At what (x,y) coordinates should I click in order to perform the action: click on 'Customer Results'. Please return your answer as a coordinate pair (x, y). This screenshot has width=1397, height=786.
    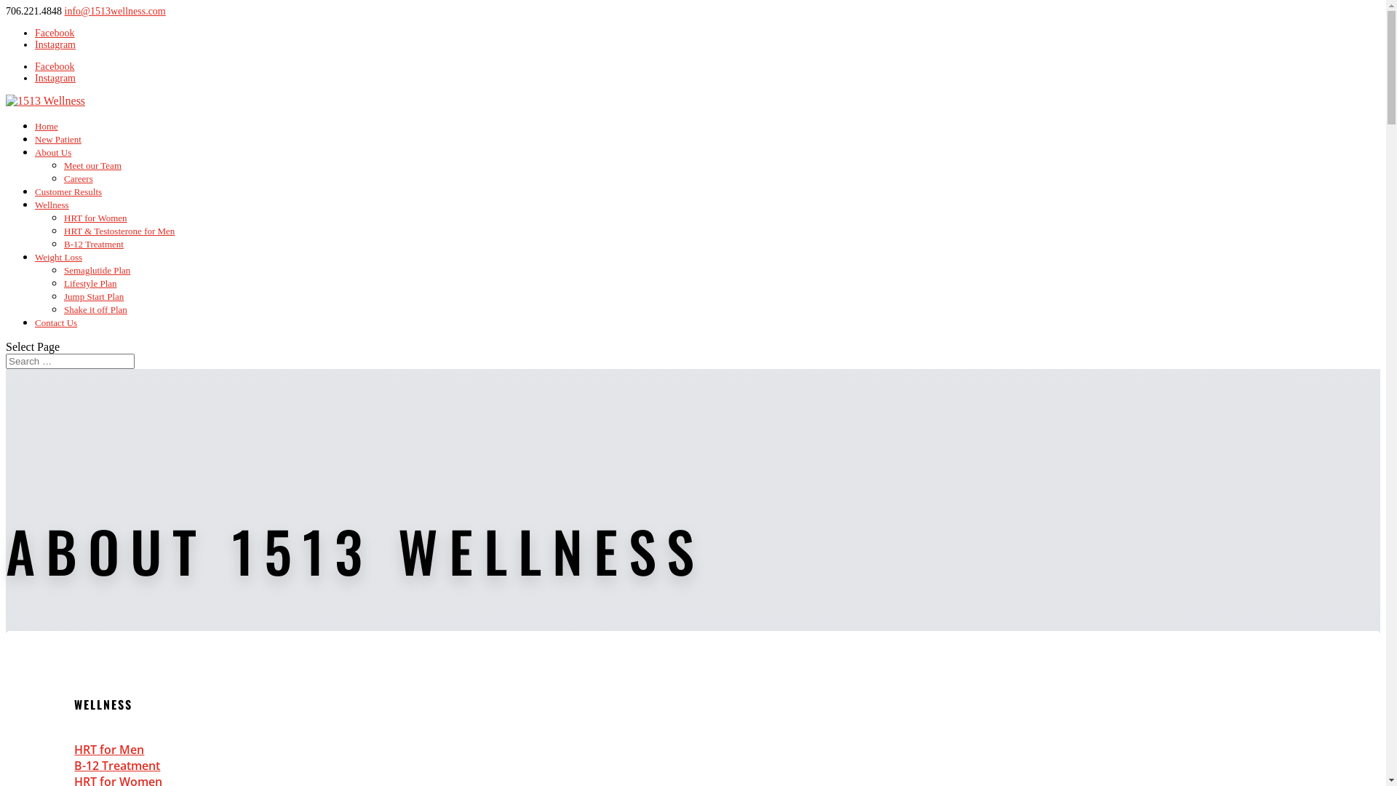
    Looking at the image, I should click on (68, 191).